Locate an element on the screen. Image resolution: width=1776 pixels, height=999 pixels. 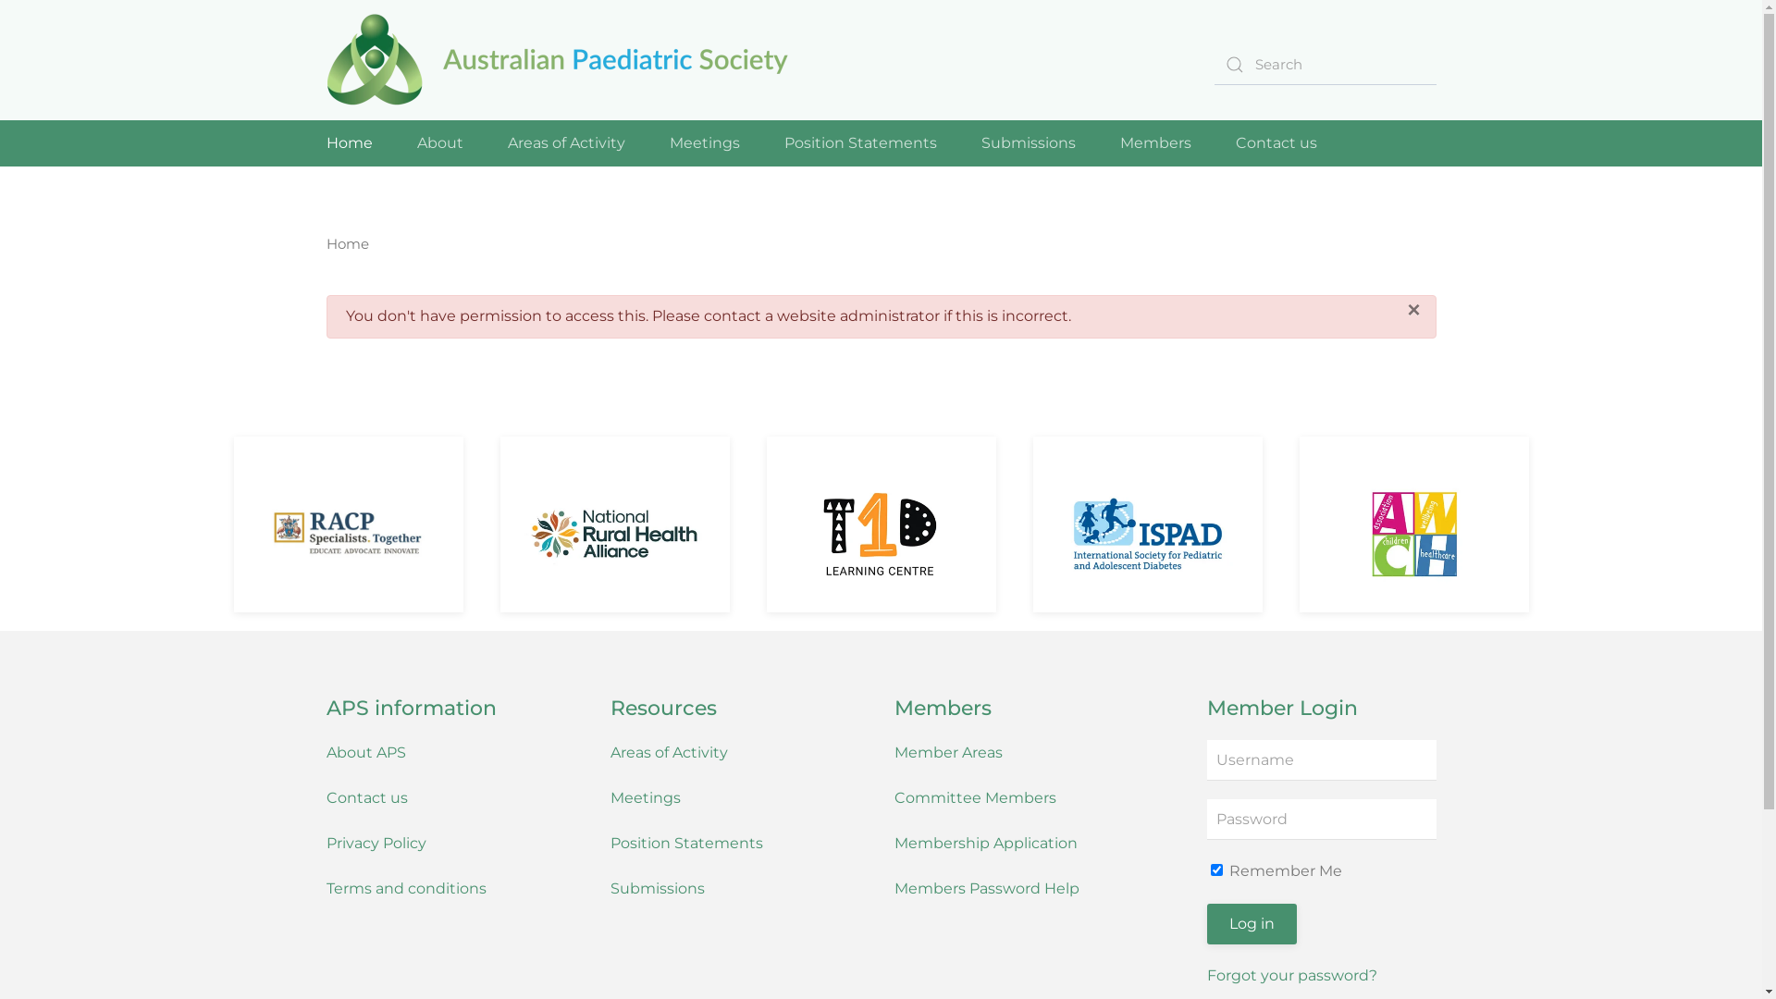
'Submissions' is located at coordinates (610, 887).